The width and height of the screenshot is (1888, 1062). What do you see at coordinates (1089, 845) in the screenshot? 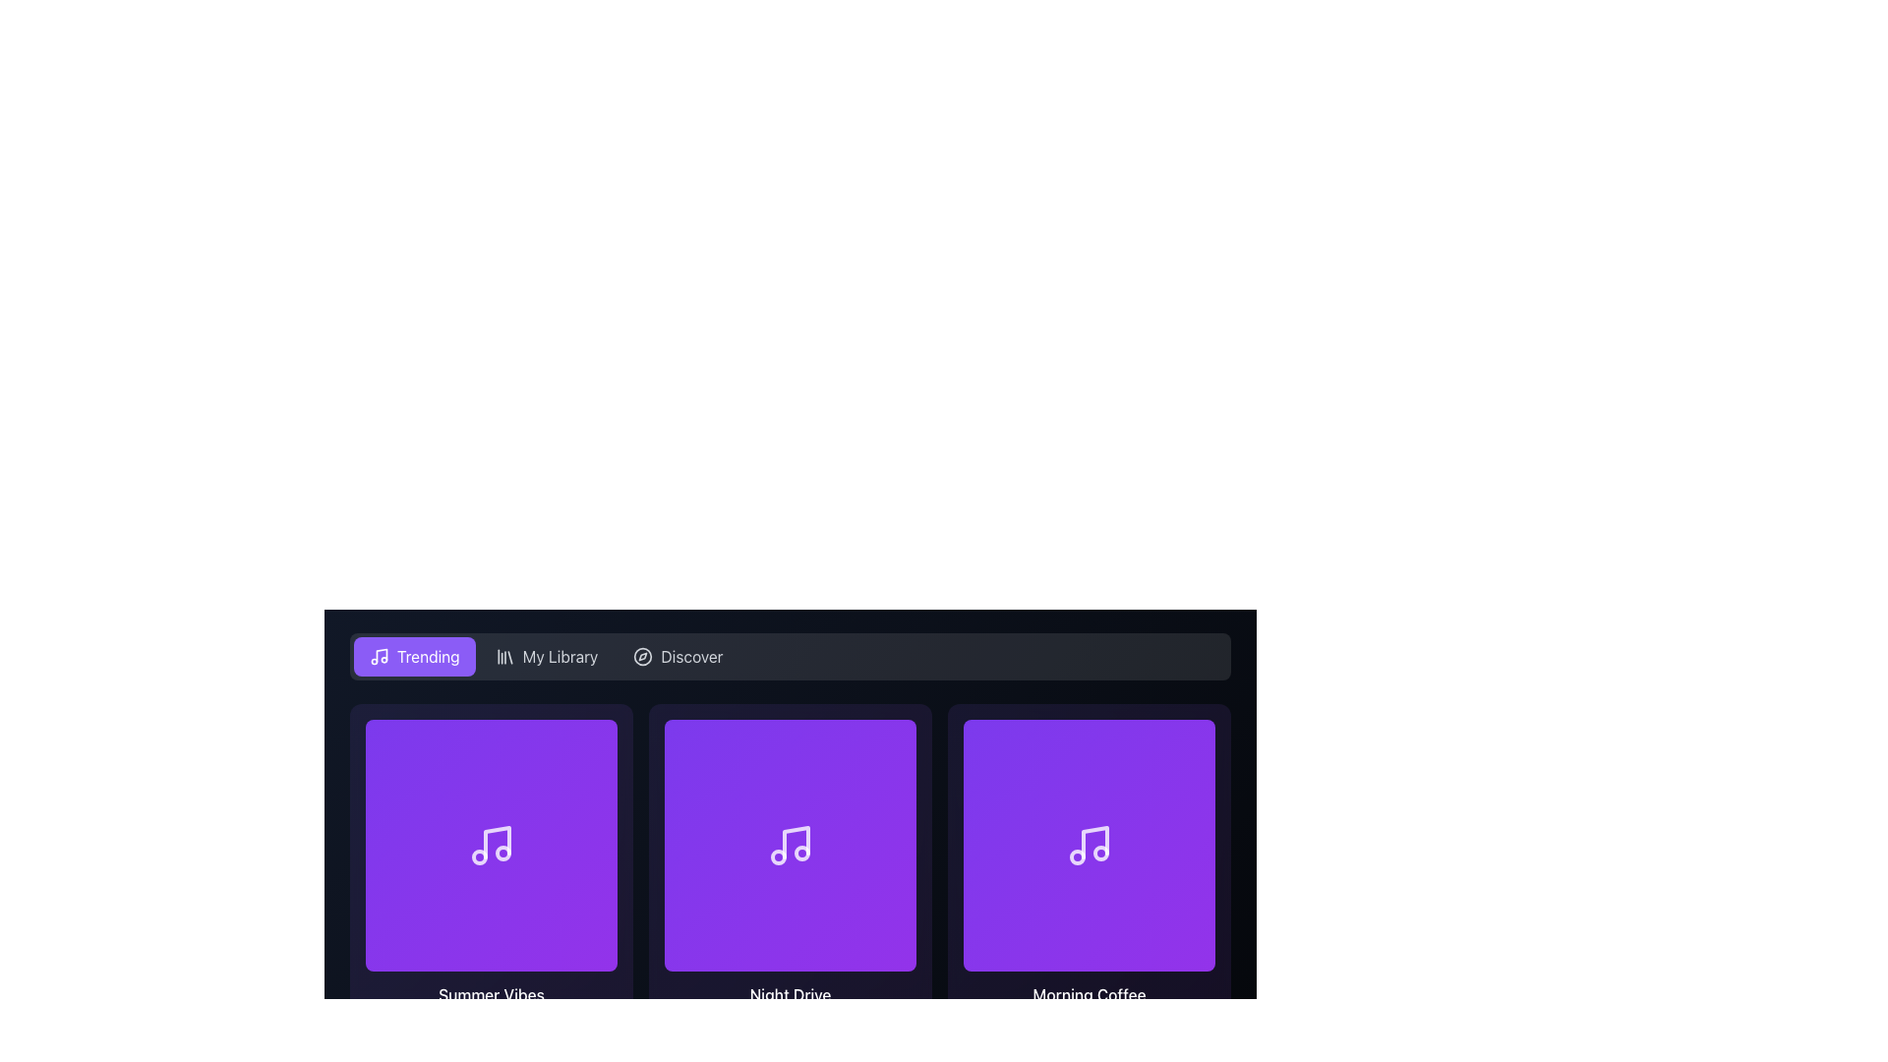
I see `the white music note icon with two connected circular notes, which is located on a vibrant purple background under the 'Morning Coffee' label` at bounding box center [1089, 845].